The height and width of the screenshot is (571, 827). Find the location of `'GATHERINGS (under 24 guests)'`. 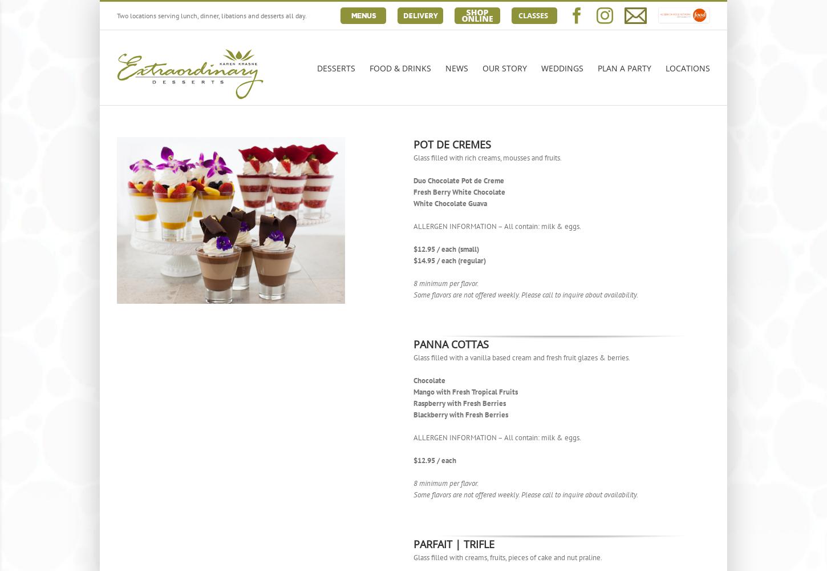

'GATHERINGS (under 24 guests)' is located at coordinates (658, 115).